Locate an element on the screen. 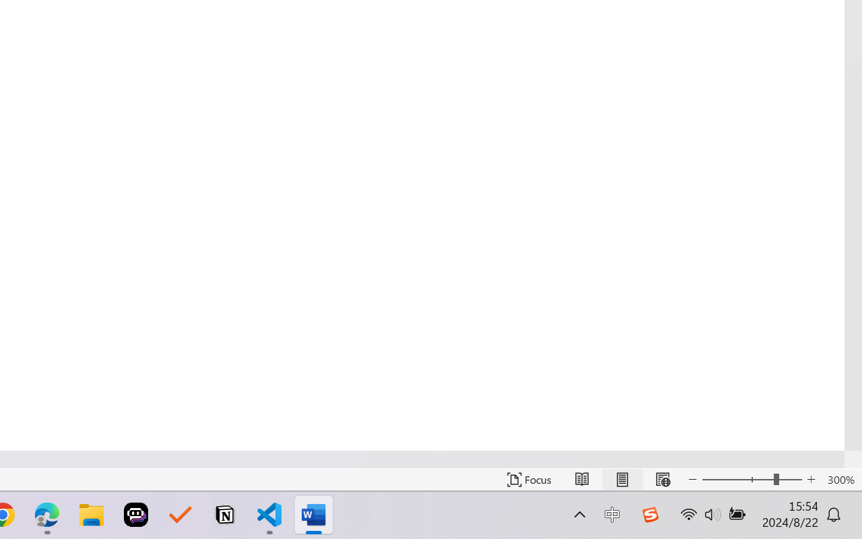 The height and width of the screenshot is (539, 862). 'Read Mode' is located at coordinates (582, 479).